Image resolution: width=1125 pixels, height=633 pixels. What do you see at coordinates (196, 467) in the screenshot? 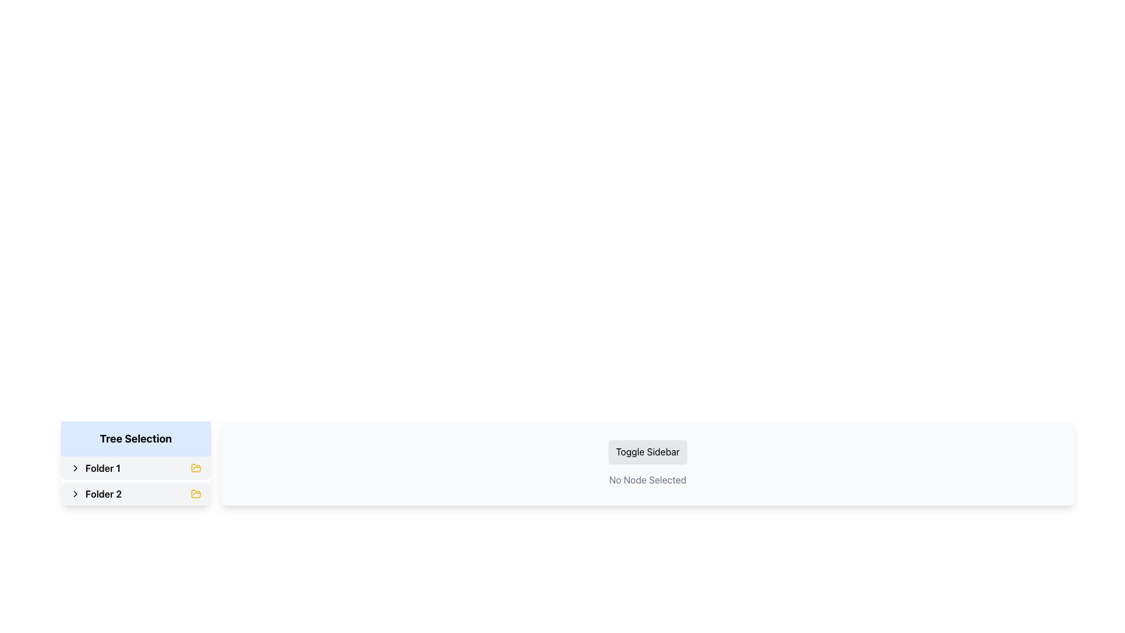
I see `the icon indicating that 'Folder 1' is currently open or selected, located in the left-side Tree Selection panel, adjacent to the textual label` at bounding box center [196, 467].